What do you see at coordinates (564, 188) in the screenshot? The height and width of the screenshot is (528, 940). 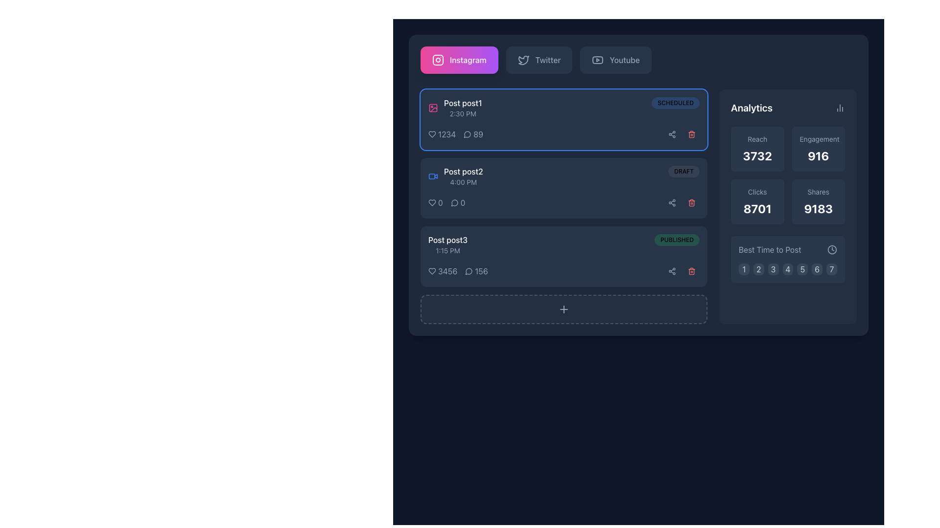 I see `counters within the panel labeled 'Post post2', which is the second item in a vertically stacked list of post panels` at bounding box center [564, 188].